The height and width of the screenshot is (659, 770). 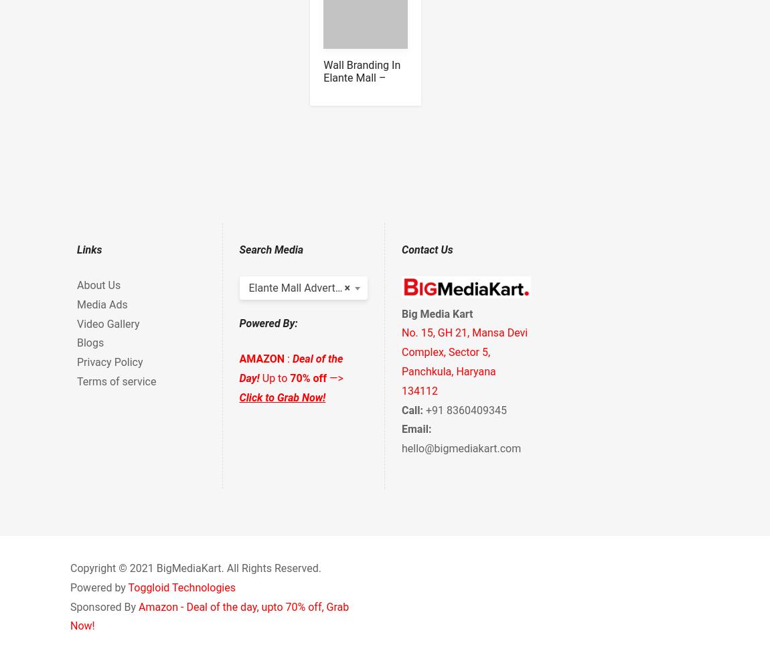 I want to click on 'Links', so click(x=76, y=249).